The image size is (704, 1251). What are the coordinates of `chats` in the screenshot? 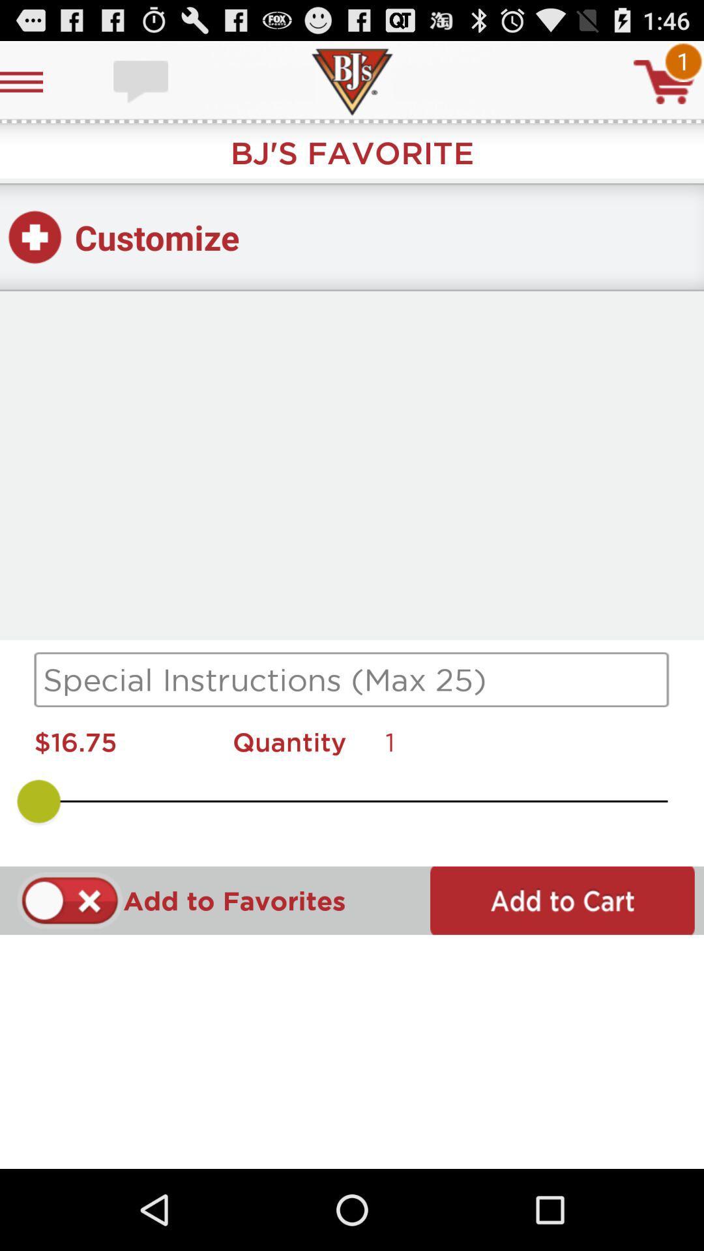 It's located at (142, 81).